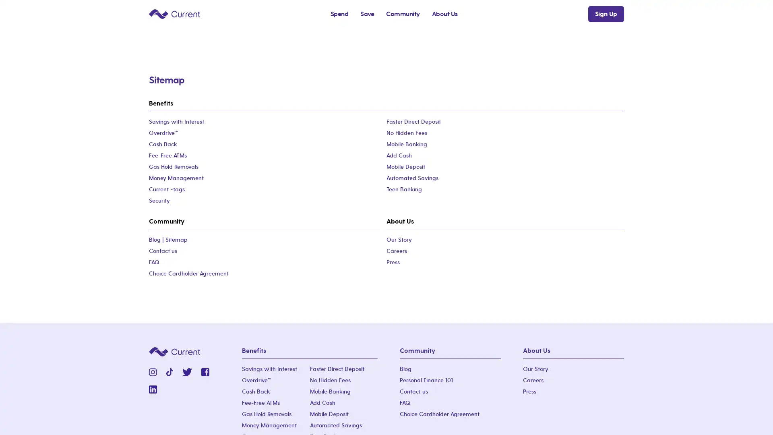 This screenshot has height=435, width=773. I want to click on Add Cash, so click(322, 403).